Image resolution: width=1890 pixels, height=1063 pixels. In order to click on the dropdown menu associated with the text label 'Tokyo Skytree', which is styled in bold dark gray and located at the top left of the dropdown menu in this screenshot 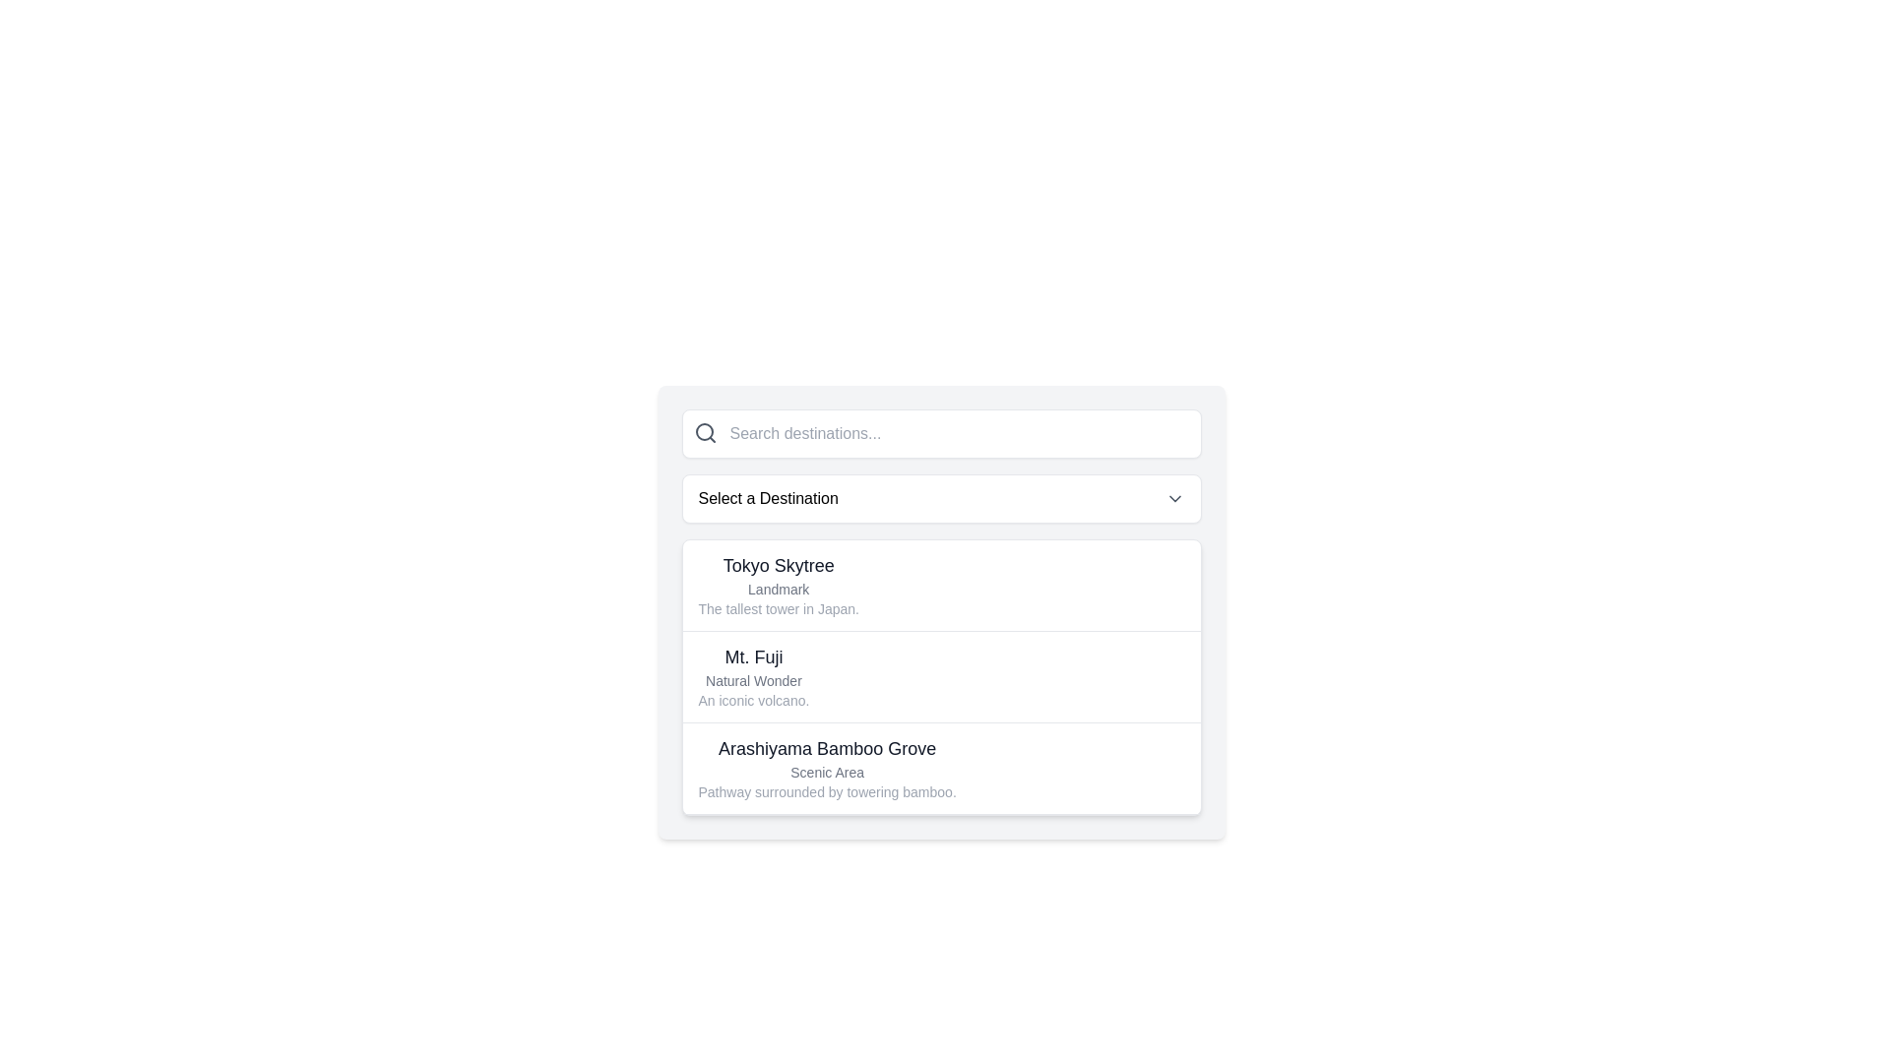, I will do `click(778, 565)`.